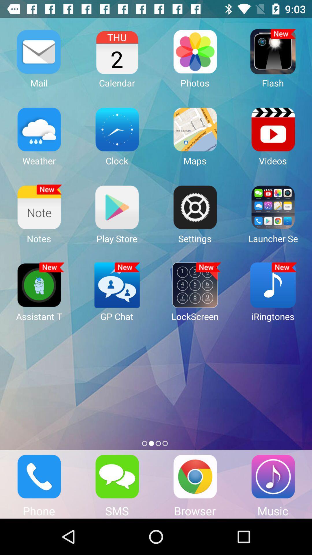 This screenshot has width=312, height=555. I want to click on the music icon, so click(273, 476).